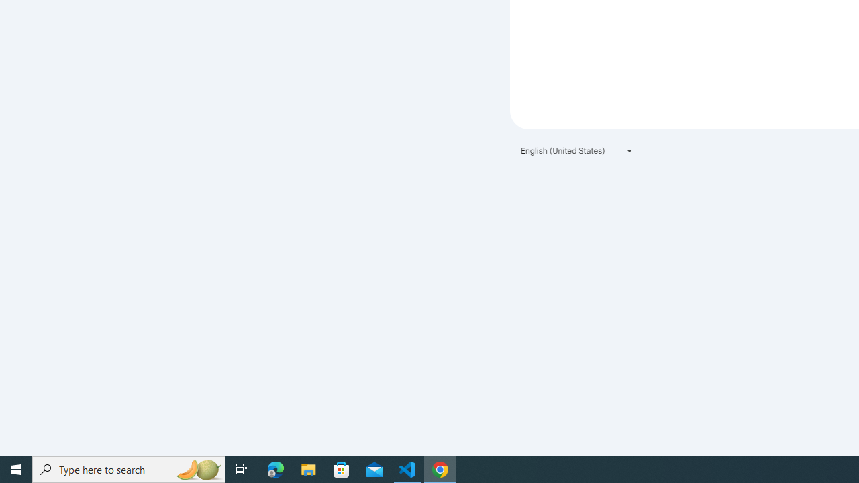 This screenshot has width=859, height=483. Describe the element at coordinates (577, 150) in the screenshot. I see `'English (United States)'` at that location.